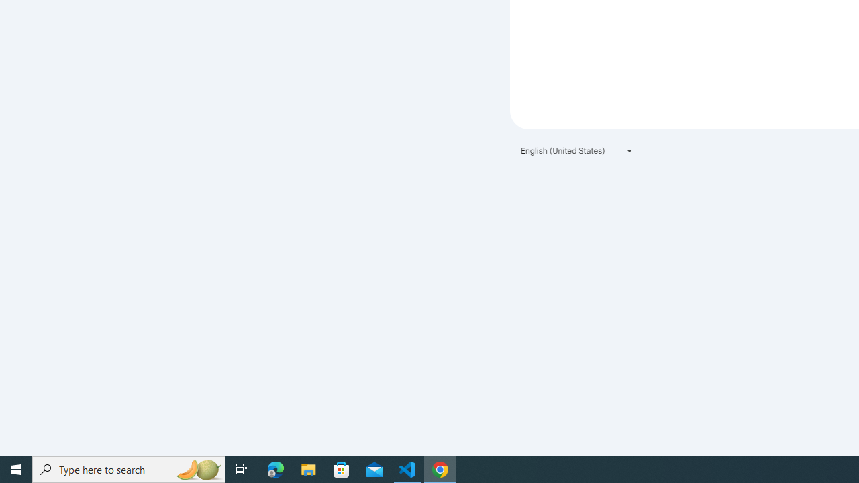 This screenshot has width=859, height=483. Describe the element at coordinates (577, 150) in the screenshot. I see `'English (United States)'` at that location.